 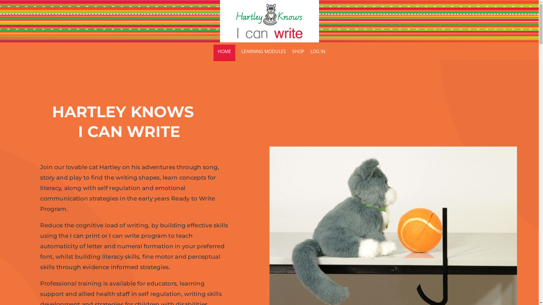 I want to click on 'LOG IN', so click(x=310, y=53).